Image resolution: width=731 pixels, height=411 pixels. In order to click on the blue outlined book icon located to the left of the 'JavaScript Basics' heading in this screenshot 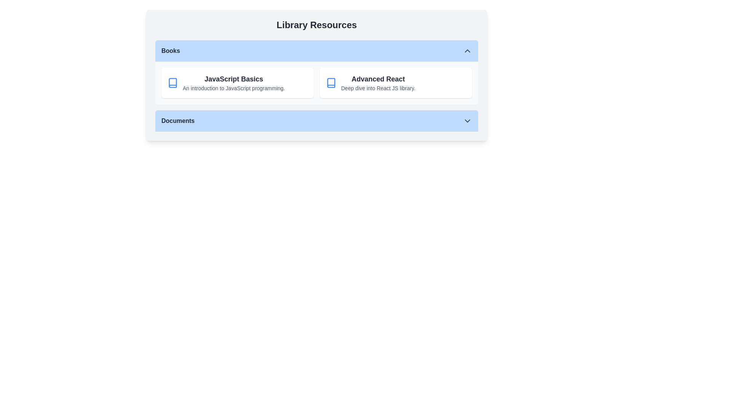, I will do `click(172, 83)`.